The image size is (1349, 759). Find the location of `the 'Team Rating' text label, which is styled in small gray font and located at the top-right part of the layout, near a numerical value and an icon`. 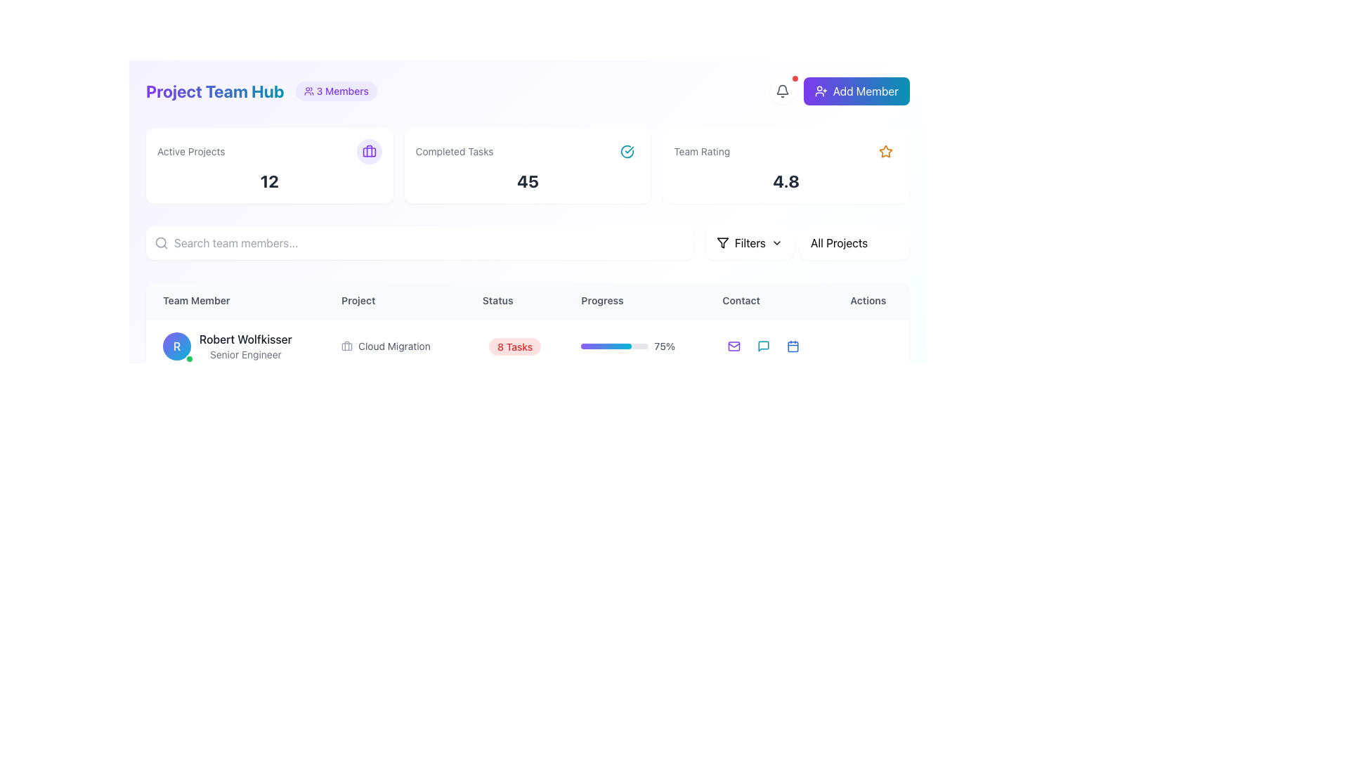

the 'Team Rating' text label, which is styled in small gray font and located at the top-right part of the layout, near a numerical value and an icon is located at coordinates (702, 152).